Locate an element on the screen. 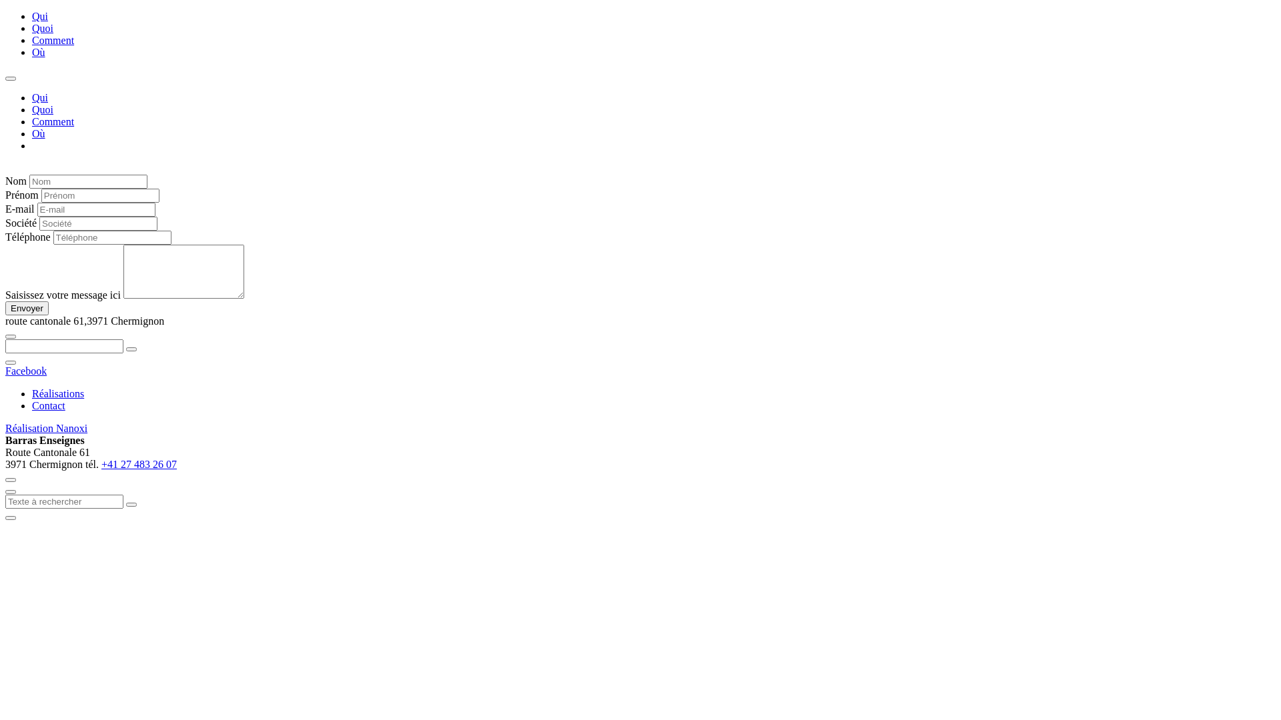 Image resolution: width=1281 pixels, height=720 pixels. 'Qui' is located at coordinates (39, 16).